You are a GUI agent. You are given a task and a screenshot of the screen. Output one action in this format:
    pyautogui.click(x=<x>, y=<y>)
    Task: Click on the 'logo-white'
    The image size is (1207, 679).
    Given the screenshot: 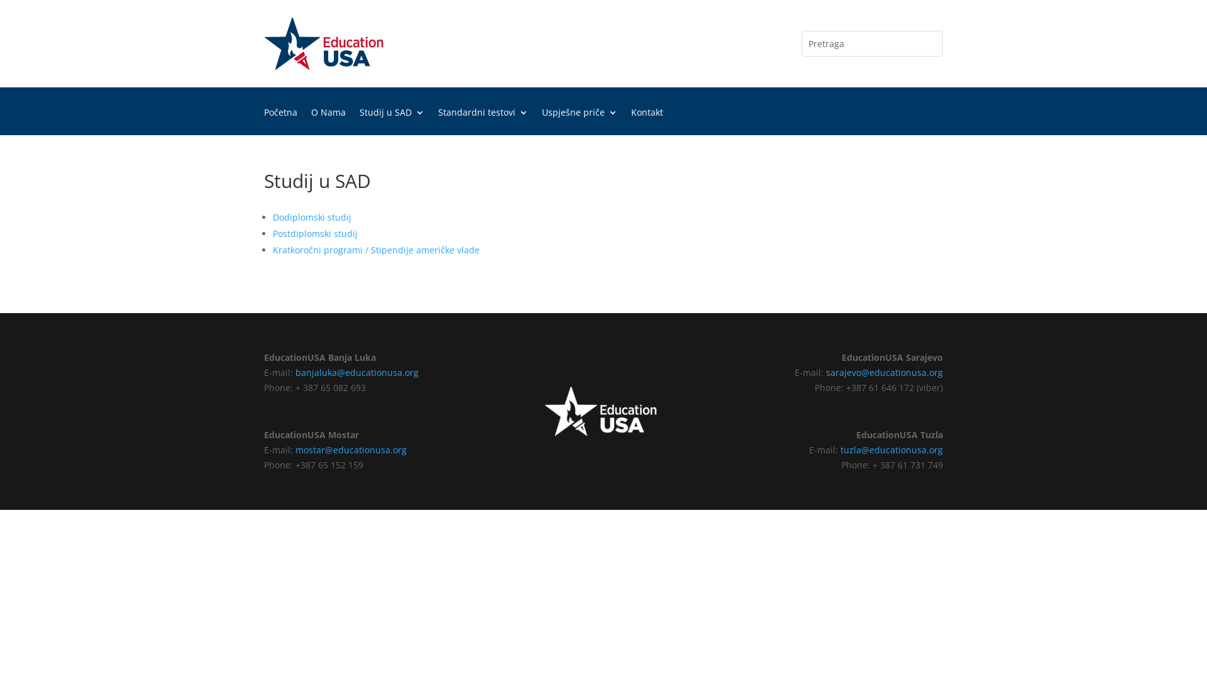 What is the action you would take?
    pyautogui.click(x=603, y=411)
    